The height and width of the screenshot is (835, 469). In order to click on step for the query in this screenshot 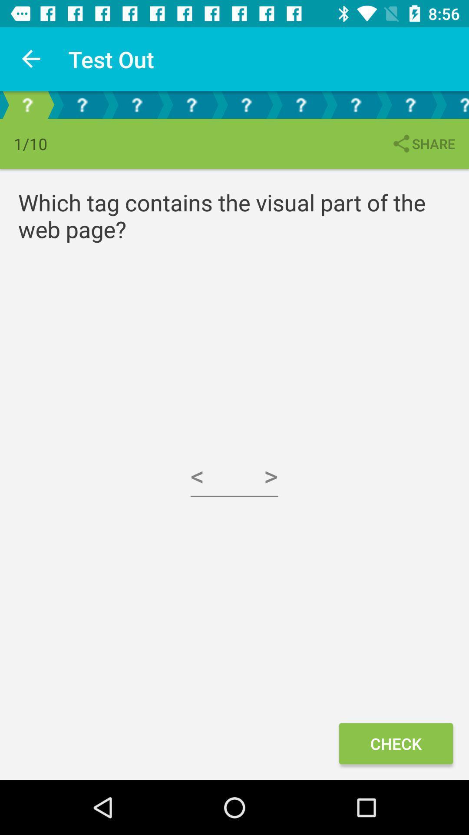, I will do `click(301, 104)`.